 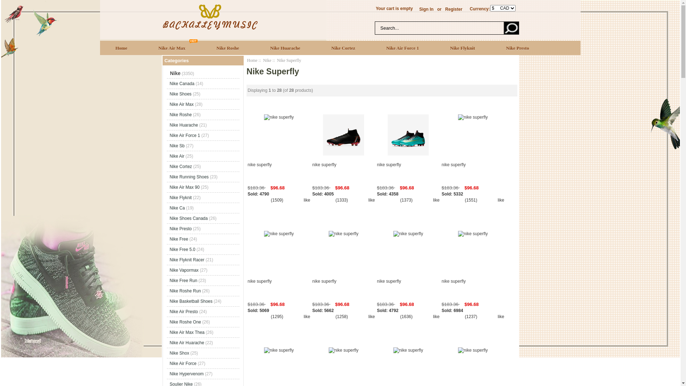 What do you see at coordinates (517, 48) in the screenshot?
I see `'Nike Presto'` at bounding box center [517, 48].